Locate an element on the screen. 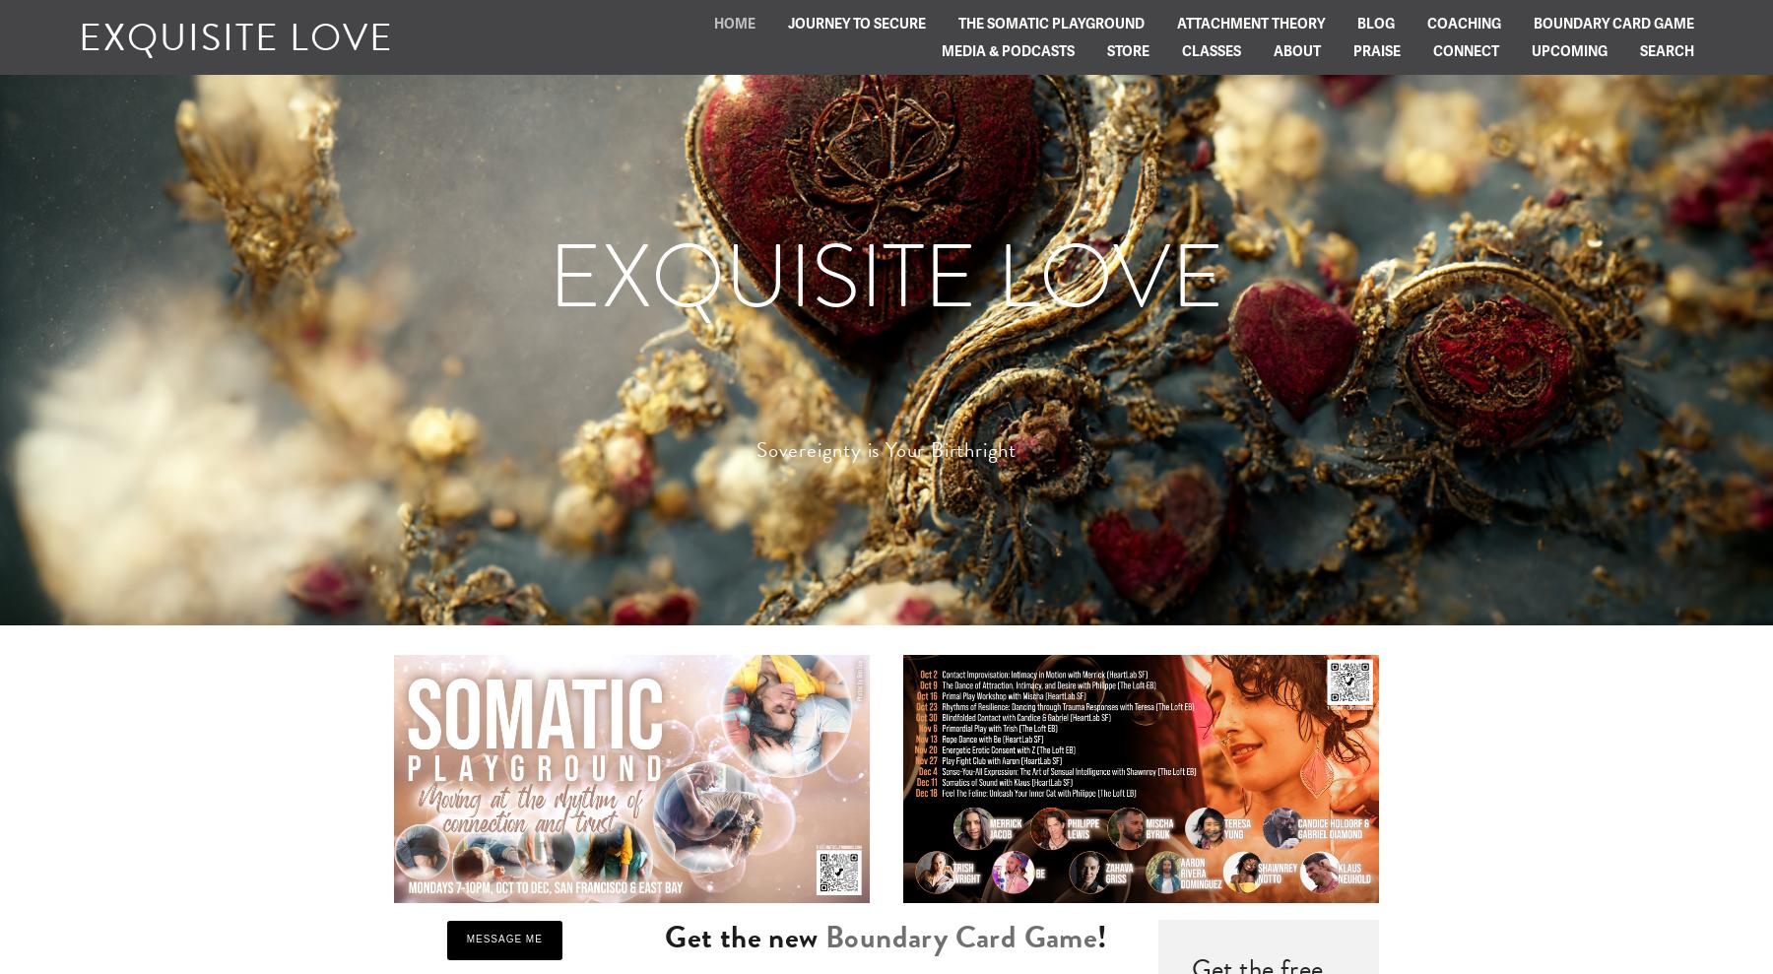 The height and width of the screenshot is (974, 1773). 'Upcoming' is located at coordinates (1568, 50).